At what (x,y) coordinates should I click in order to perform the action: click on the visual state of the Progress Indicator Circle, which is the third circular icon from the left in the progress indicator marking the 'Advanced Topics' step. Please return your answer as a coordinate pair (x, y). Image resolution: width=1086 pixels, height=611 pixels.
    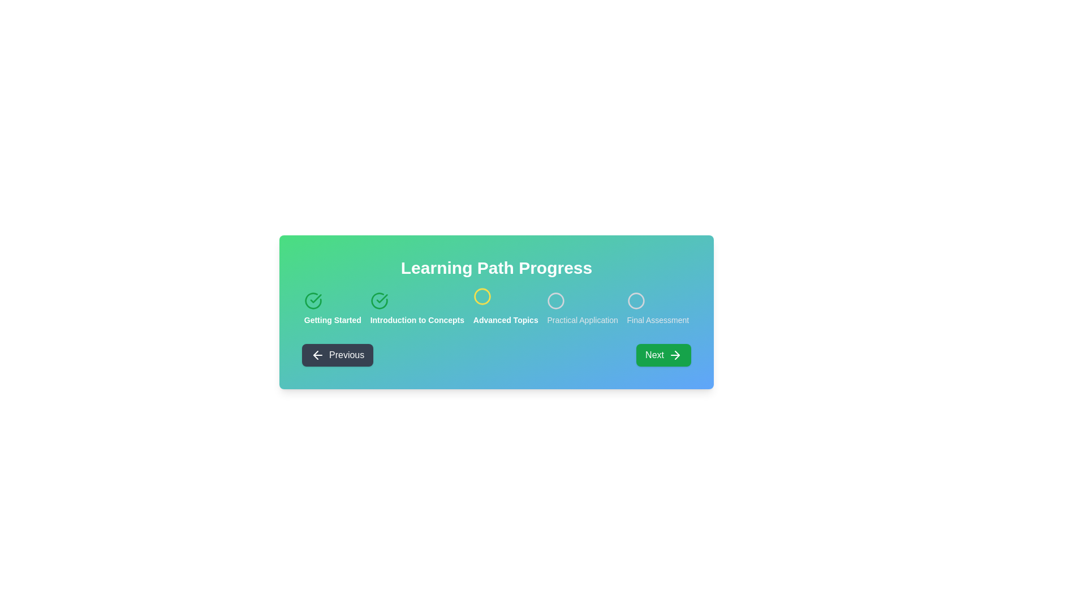
    Looking at the image, I should click on (482, 298).